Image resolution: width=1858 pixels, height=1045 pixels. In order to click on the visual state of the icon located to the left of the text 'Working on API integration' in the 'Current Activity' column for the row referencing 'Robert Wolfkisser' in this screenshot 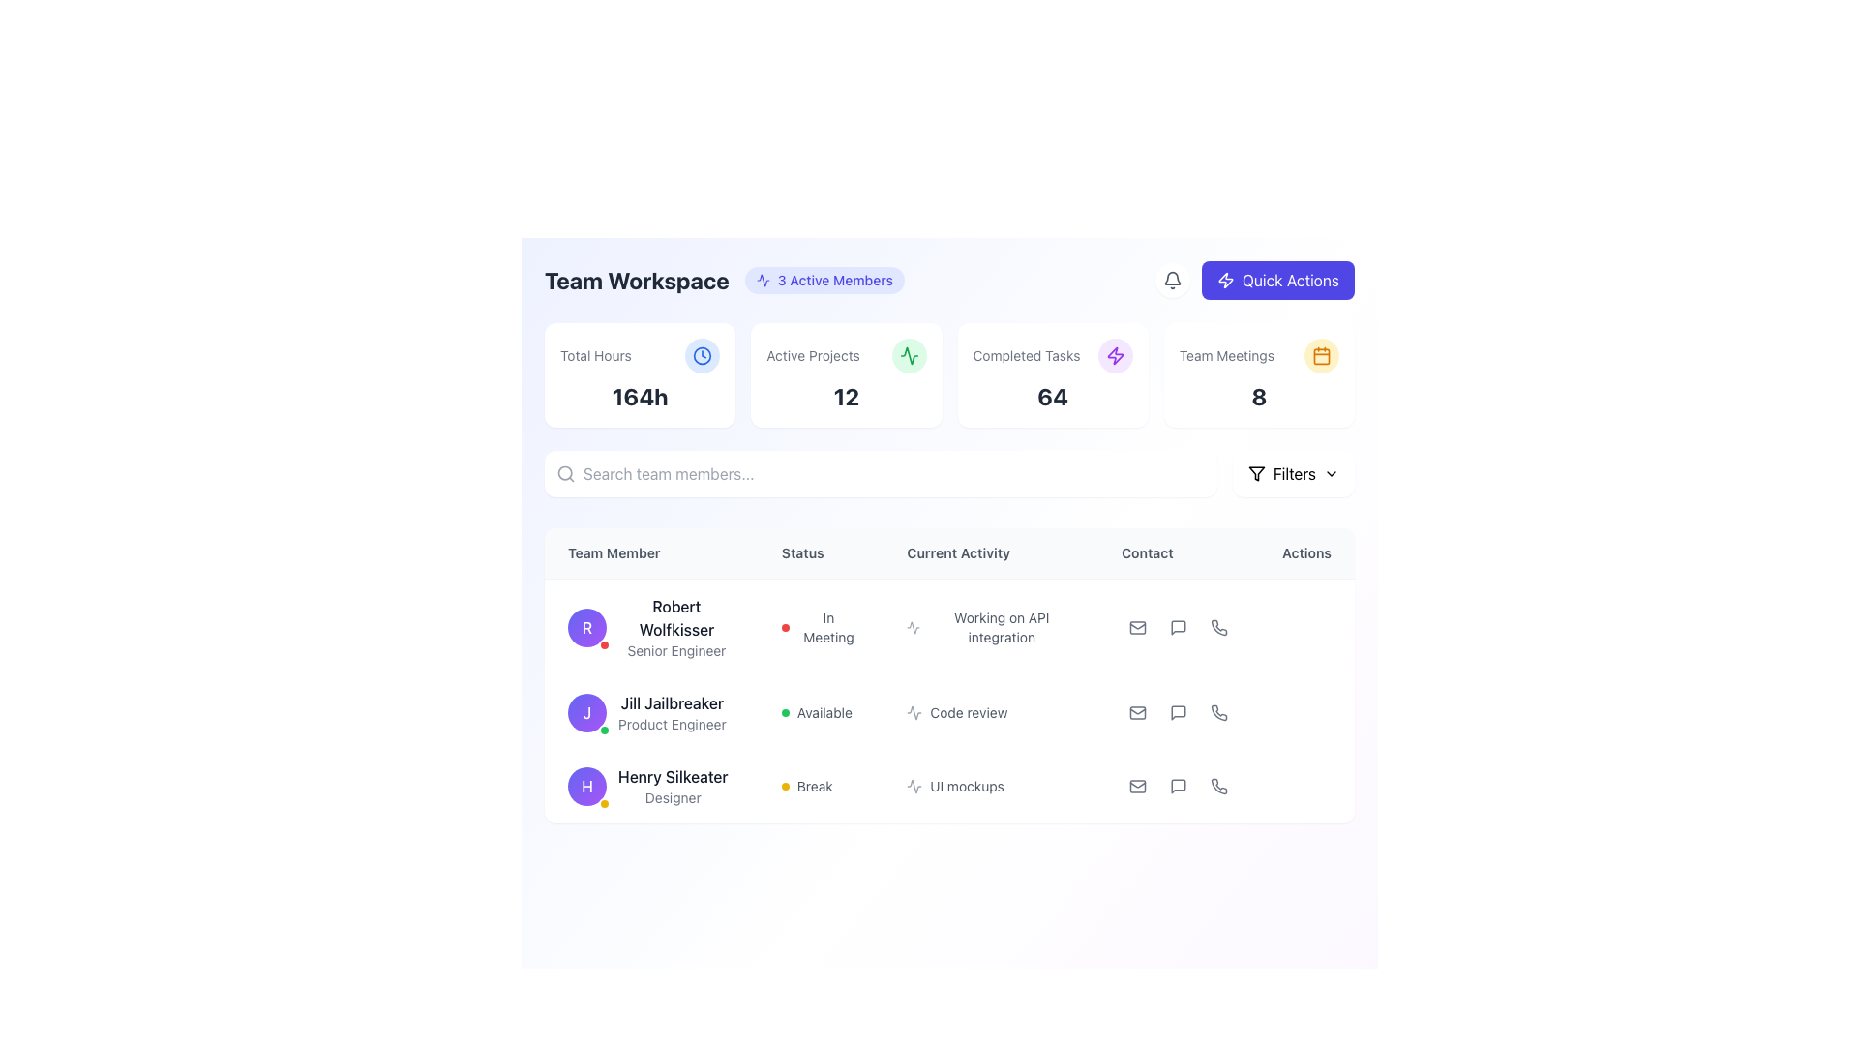, I will do `click(913, 627)`.